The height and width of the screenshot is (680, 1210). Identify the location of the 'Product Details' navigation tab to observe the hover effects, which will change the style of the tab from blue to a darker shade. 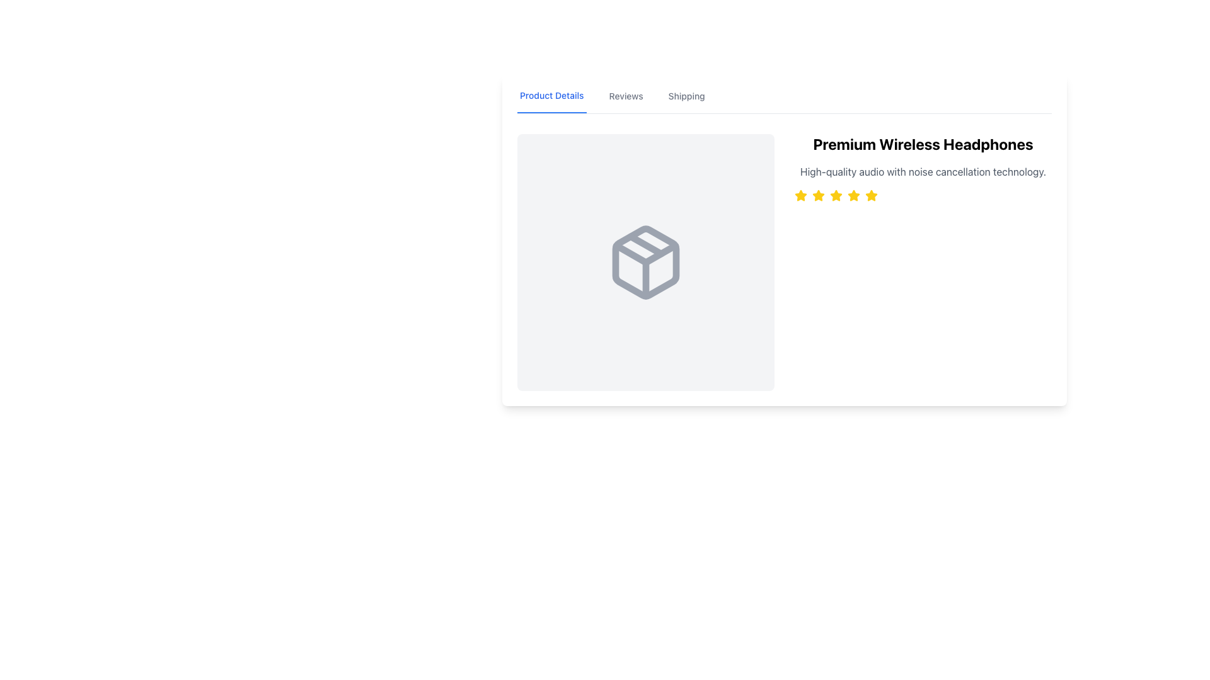
(783, 101).